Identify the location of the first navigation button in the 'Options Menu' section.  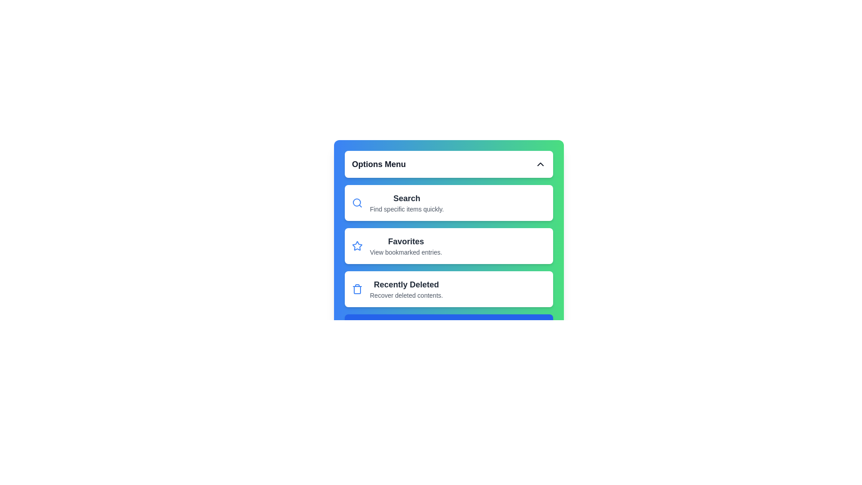
(449, 203).